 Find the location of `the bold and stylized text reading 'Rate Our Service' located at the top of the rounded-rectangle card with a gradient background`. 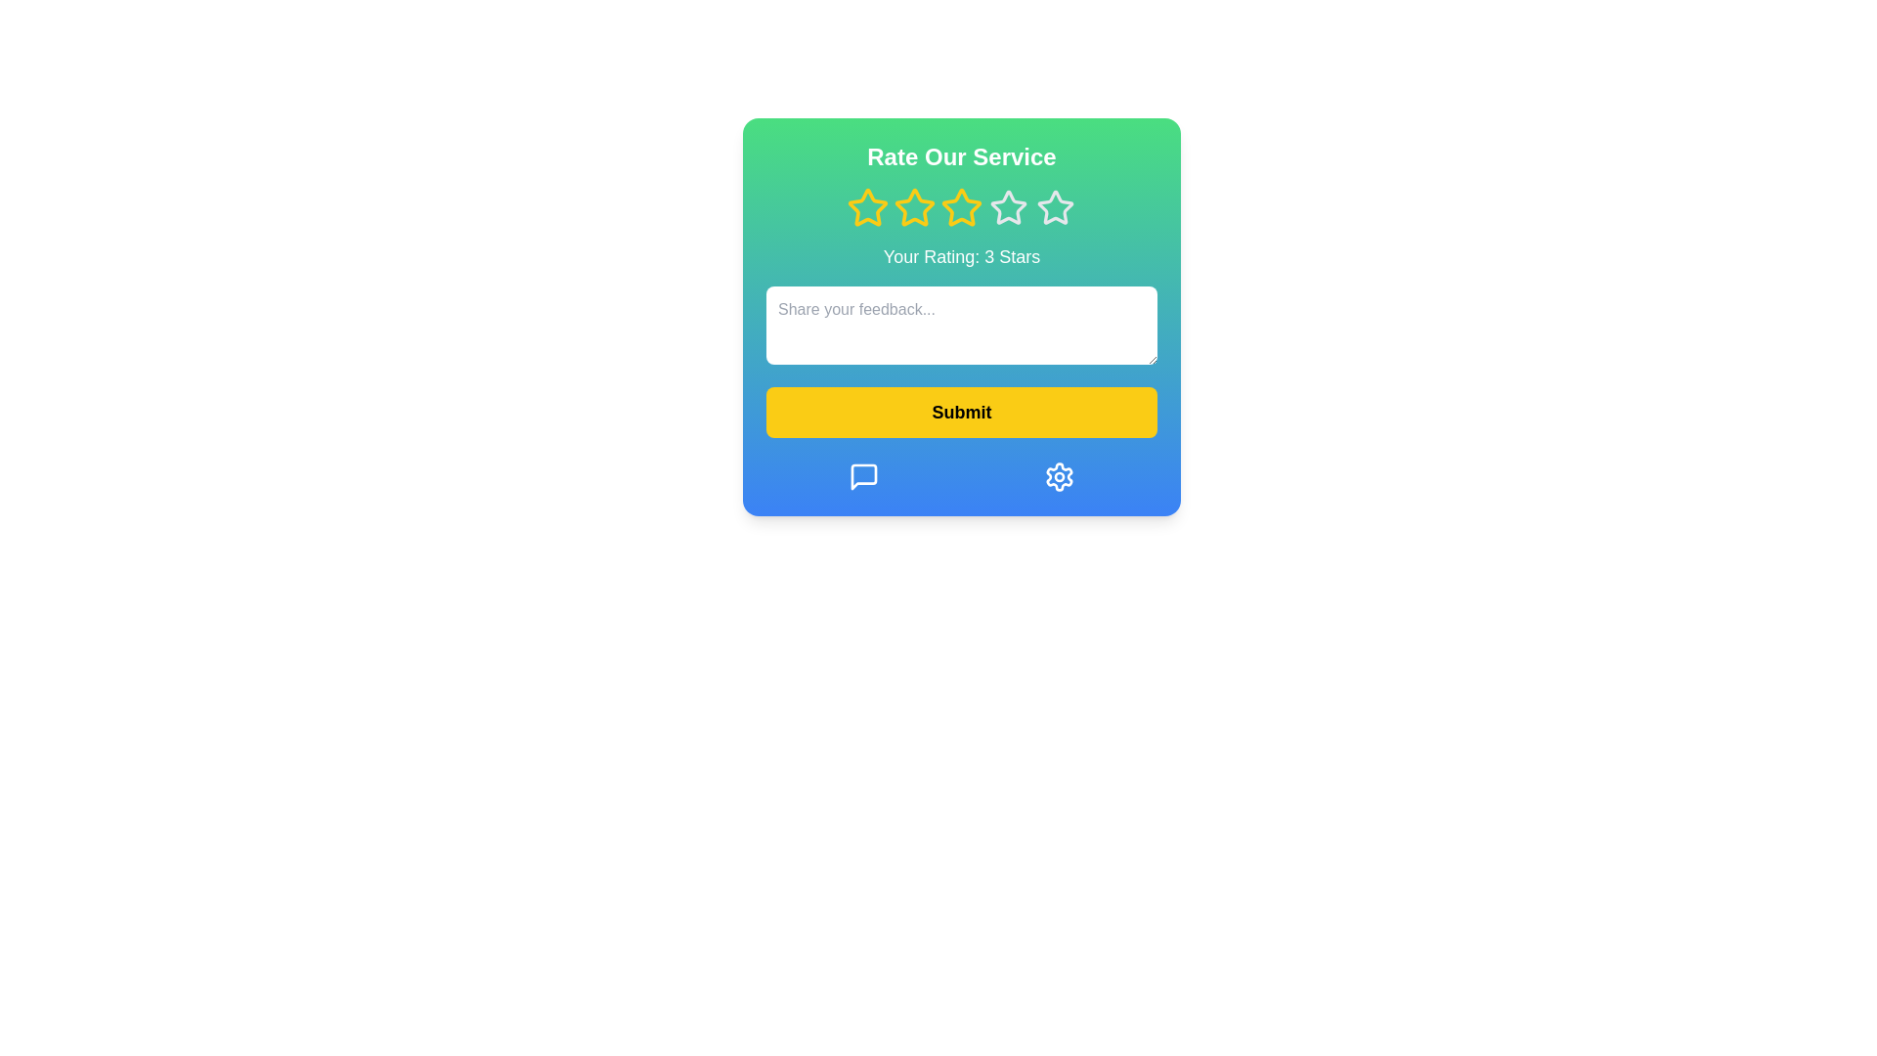

the bold and stylized text reading 'Rate Our Service' located at the top of the rounded-rectangle card with a gradient background is located at coordinates (961, 156).